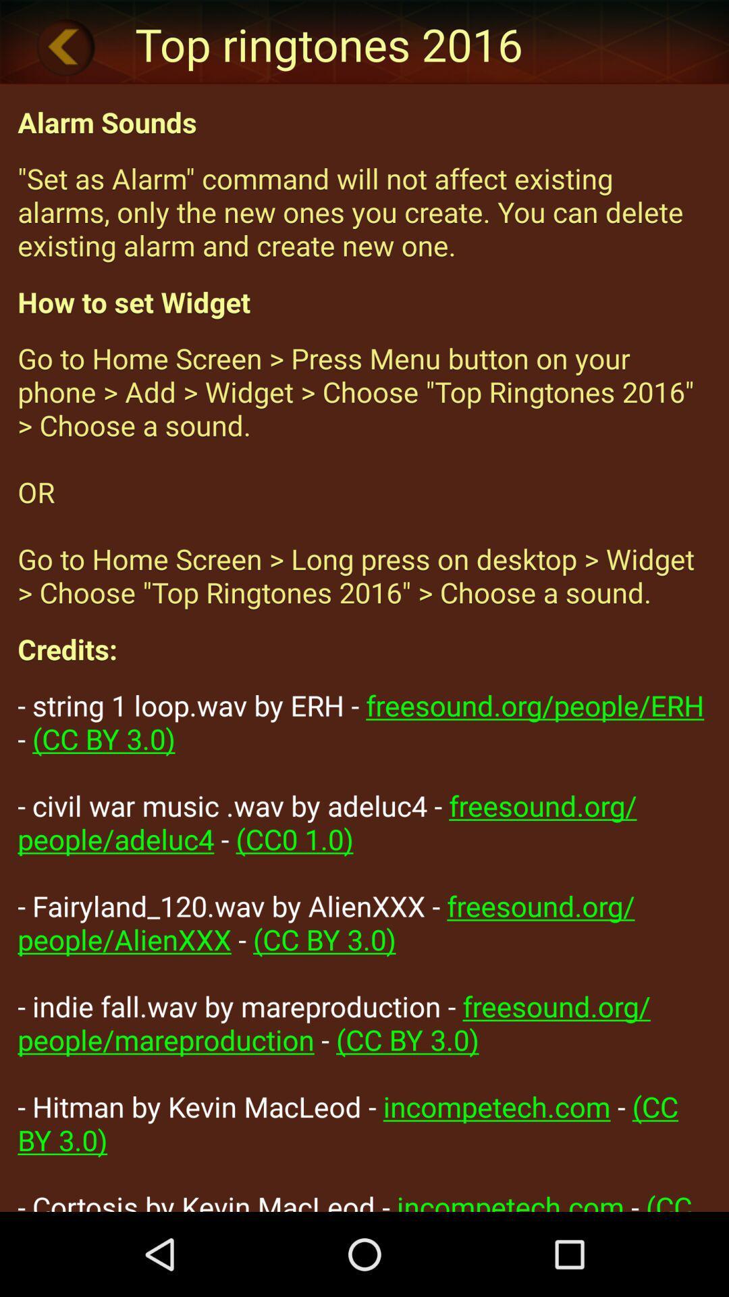  Describe the element at coordinates (65, 47) in the screenshot. I see `icon above the alarm sounds icon` at that location.